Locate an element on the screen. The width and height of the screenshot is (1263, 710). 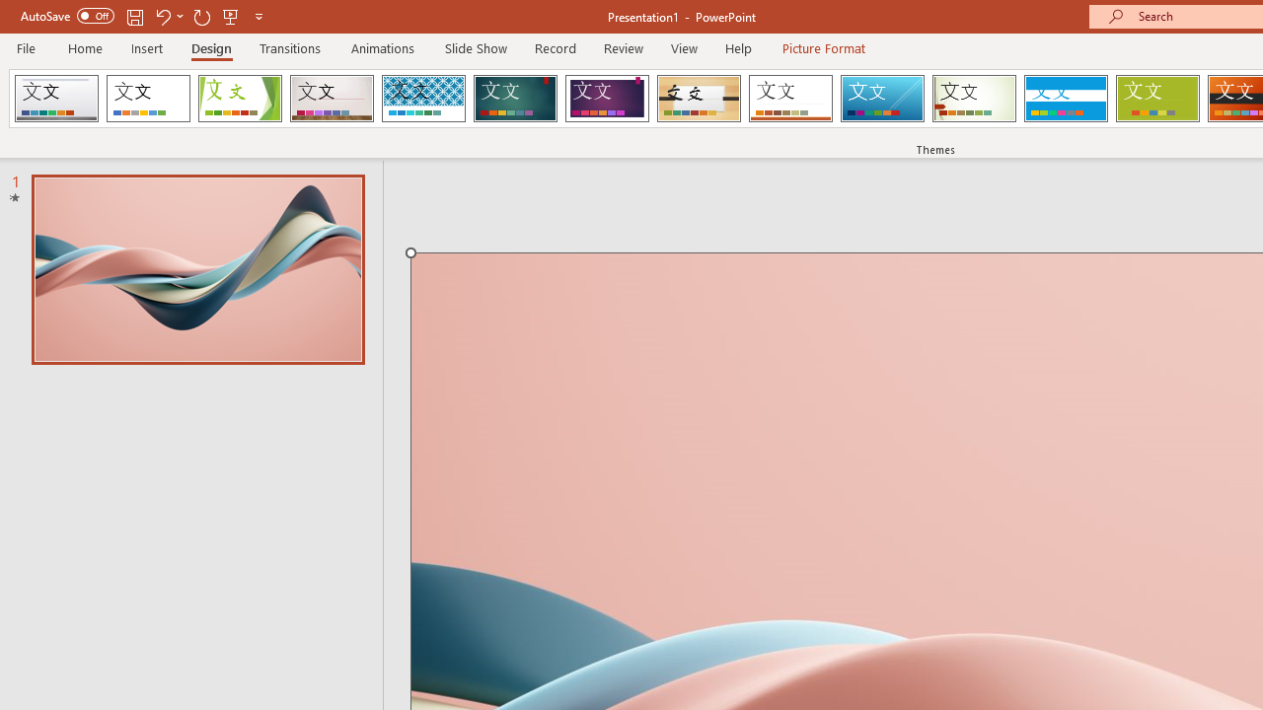
'Banded' is located at coordinates (1065, 99).